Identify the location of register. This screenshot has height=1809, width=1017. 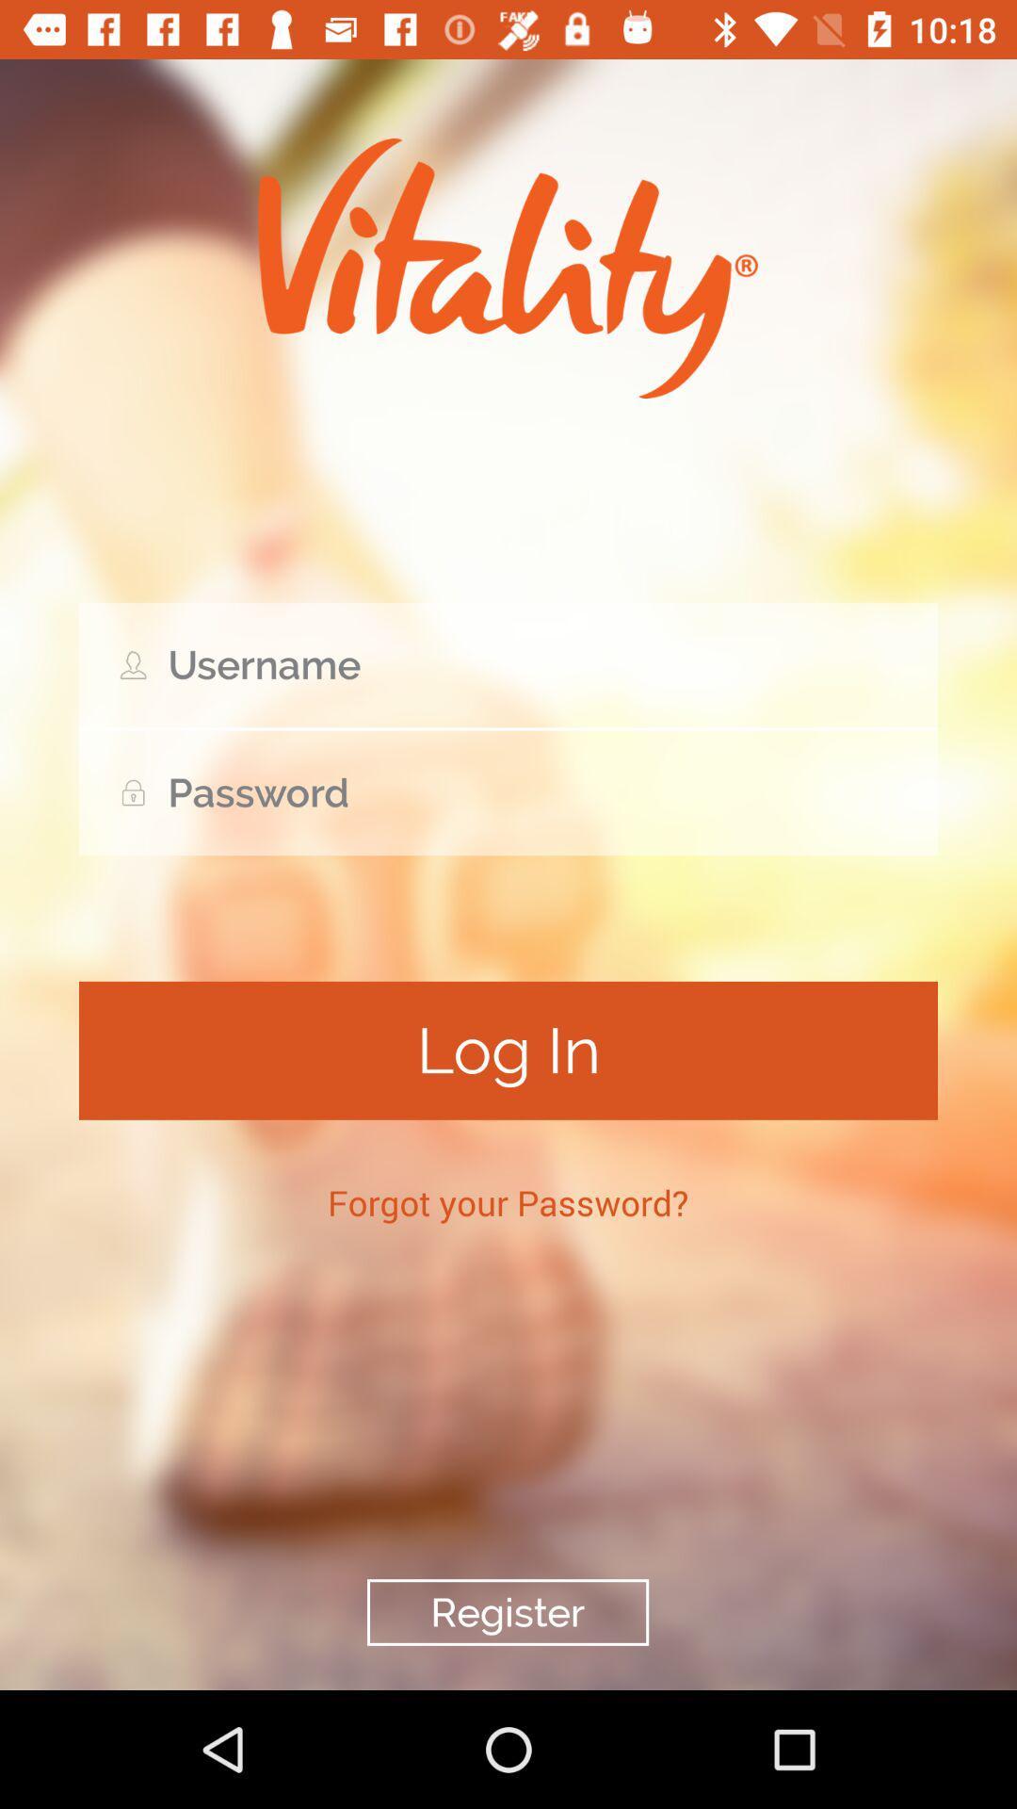
(507, 1611).